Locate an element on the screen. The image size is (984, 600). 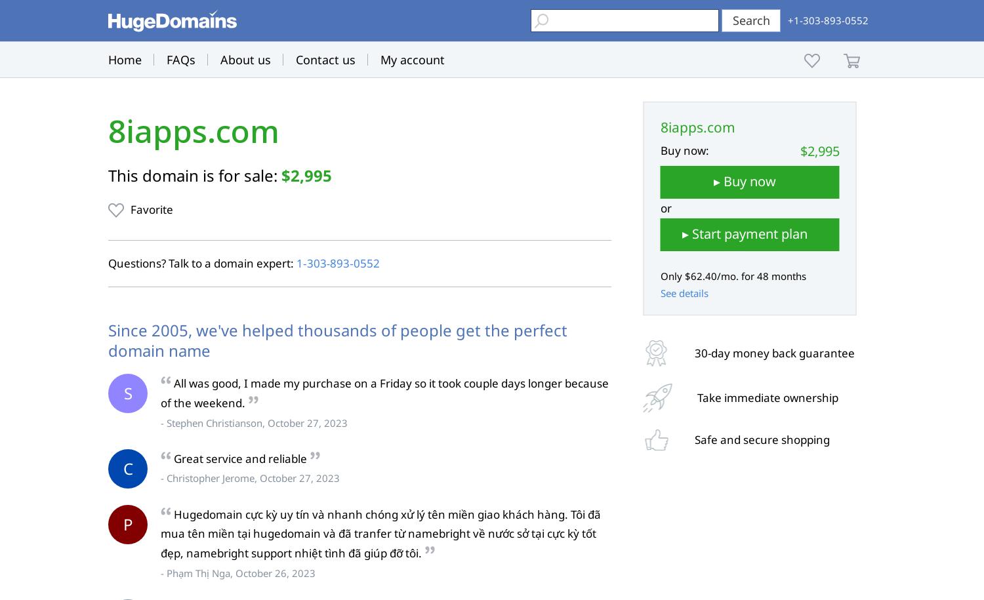
'+1-303-893-0552' is located at coordinates (828, 20).